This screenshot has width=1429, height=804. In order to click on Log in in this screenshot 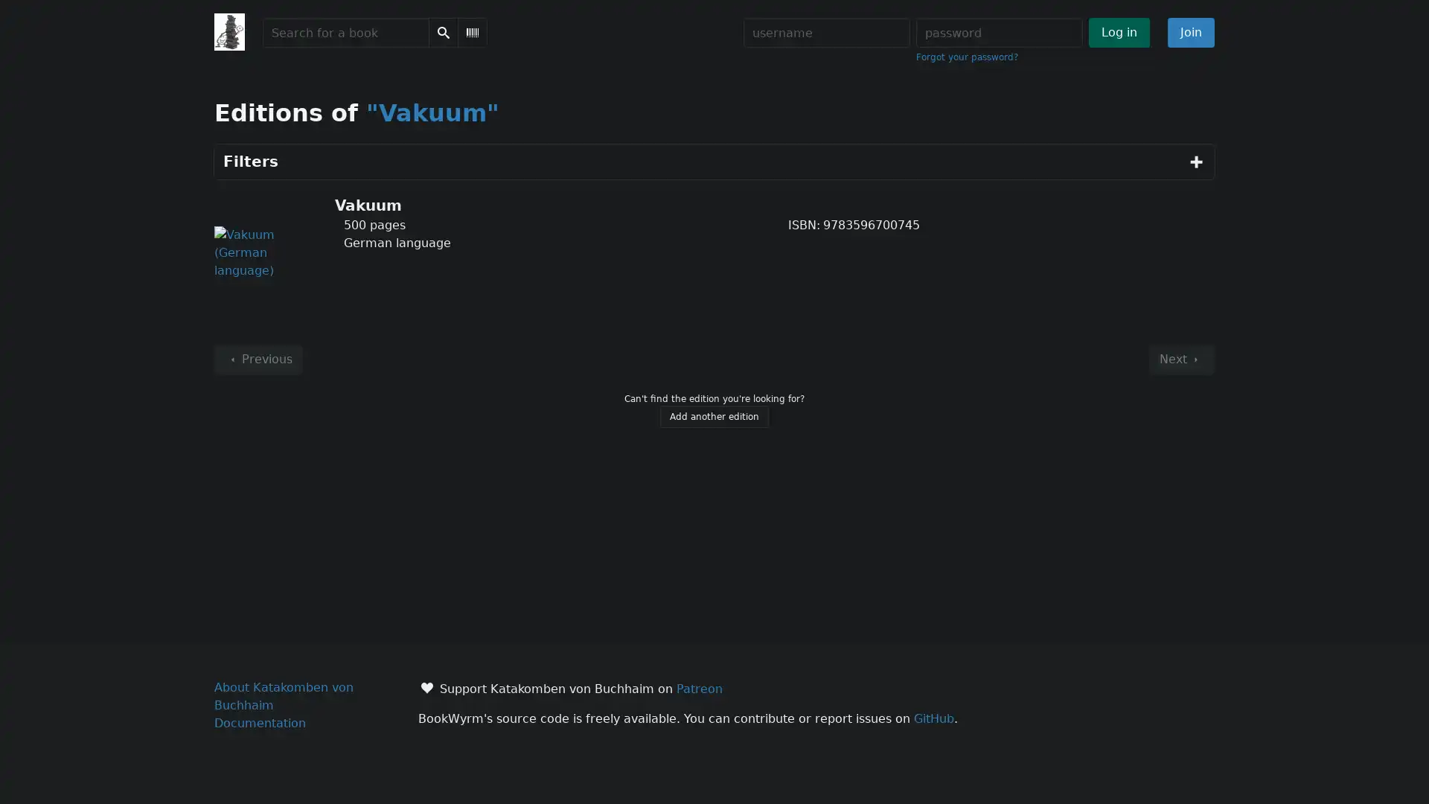, I will do `click(1118, 32)`.